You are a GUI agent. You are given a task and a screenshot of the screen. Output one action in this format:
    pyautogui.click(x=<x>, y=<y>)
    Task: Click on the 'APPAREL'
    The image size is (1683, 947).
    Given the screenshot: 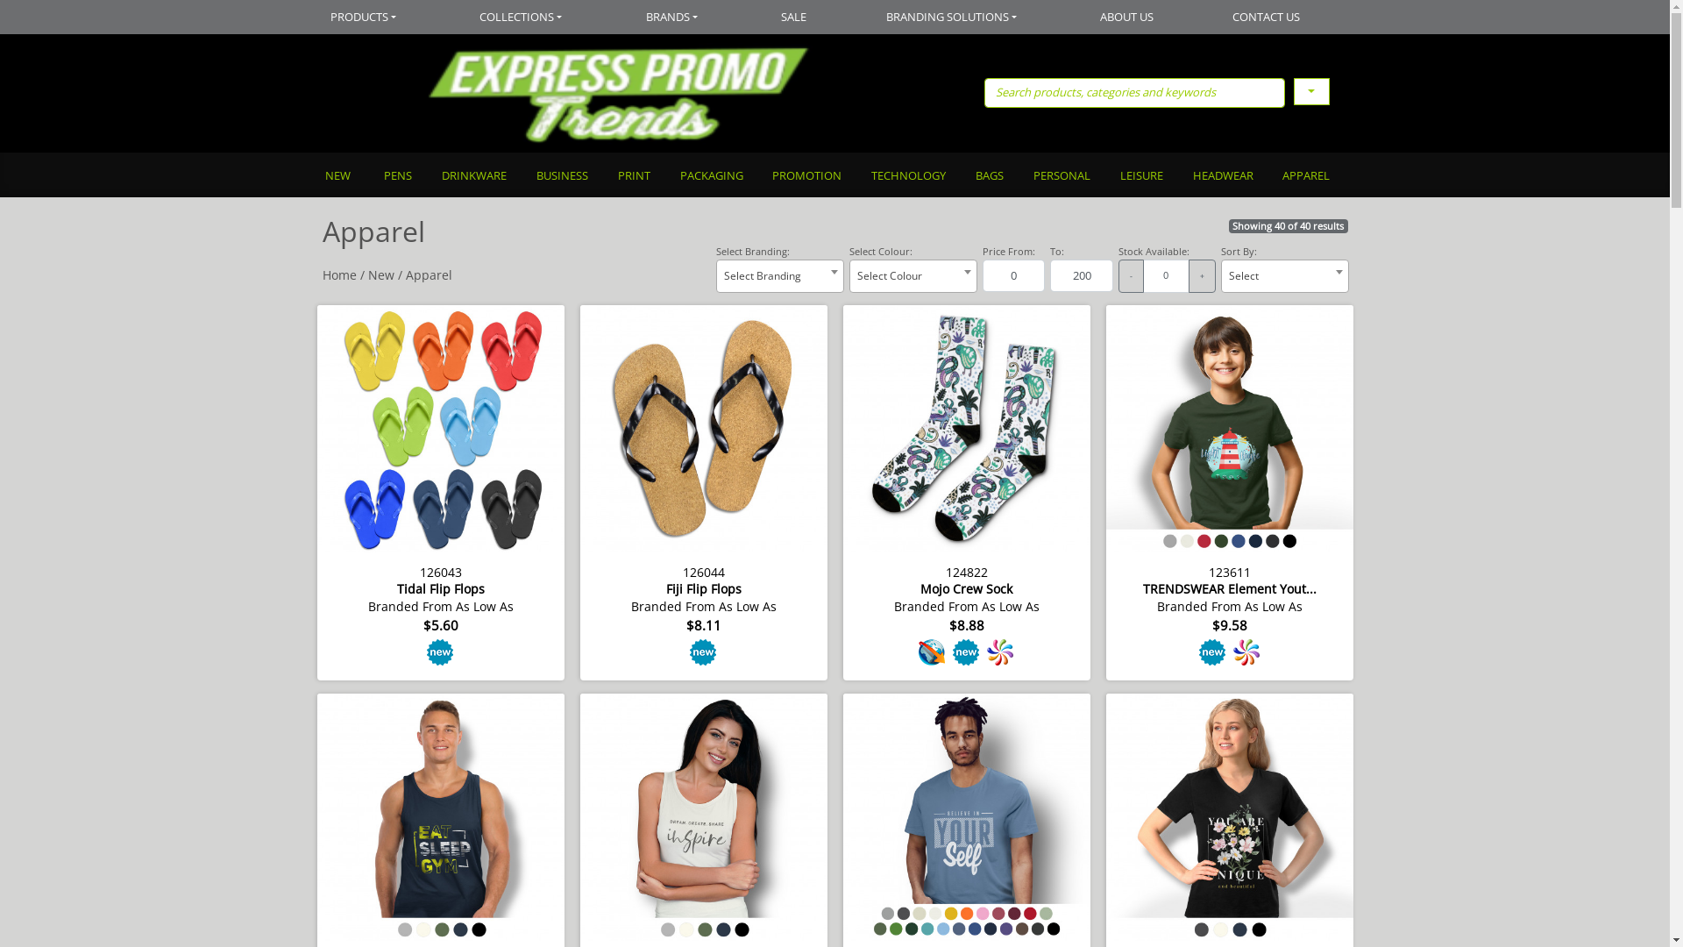 What is the action you would take?
    pyautogui.click(x=1305, y=176)
    